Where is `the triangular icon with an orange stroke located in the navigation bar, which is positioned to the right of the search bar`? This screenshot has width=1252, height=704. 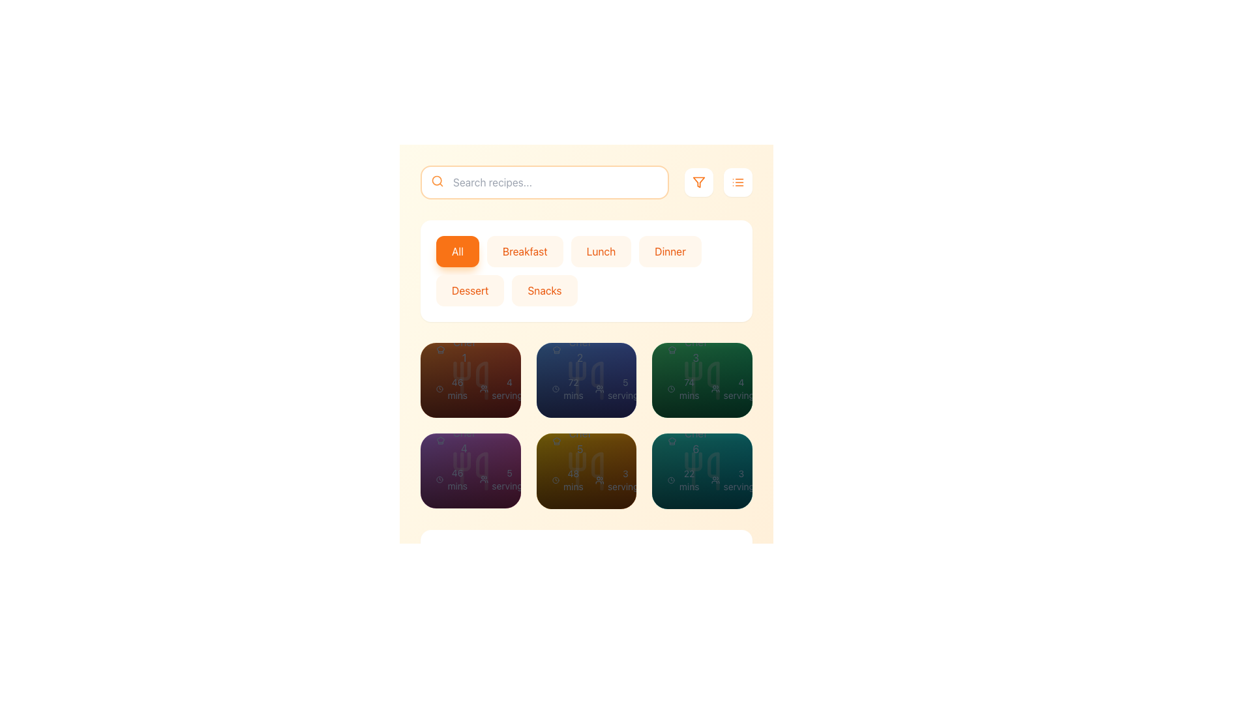
the triangular icon with an orange stroke located in the navigation bar, which is positioned to the right of the search bar is located at coordinates (698, 183).